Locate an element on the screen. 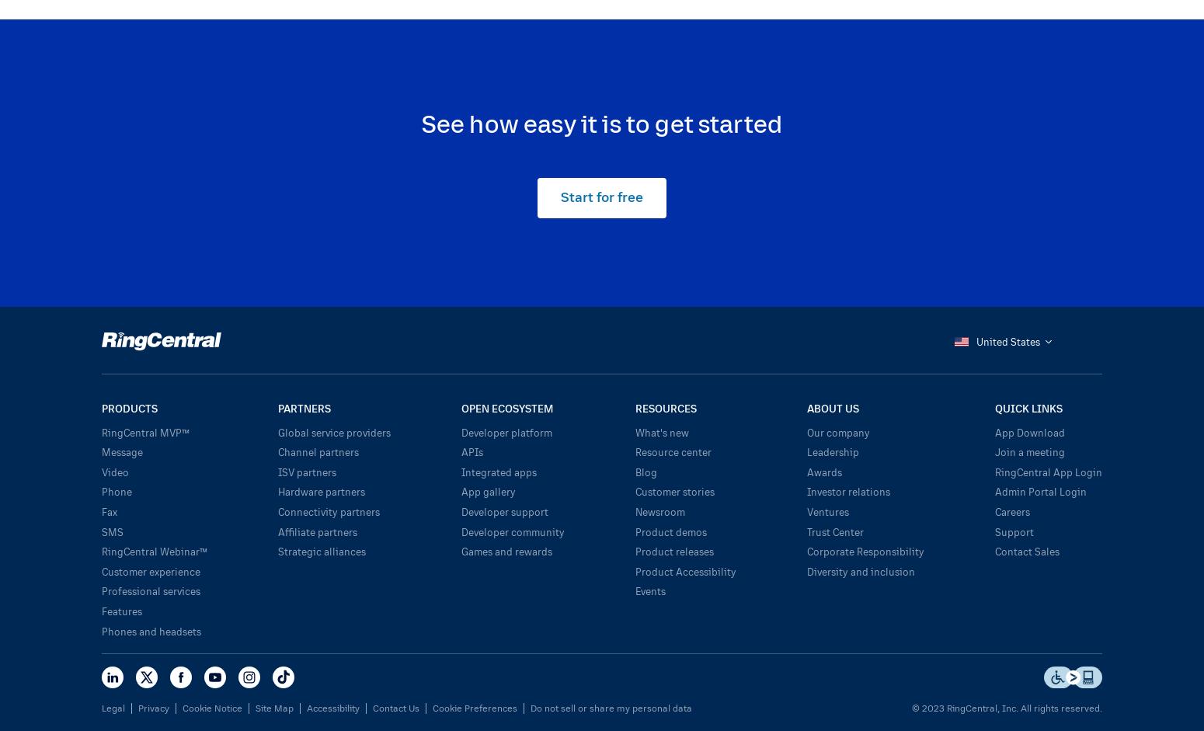 The height and width of the screenshot is (731, 1204). 'See how easy it is to get started' is located at coordinates (601, 121).